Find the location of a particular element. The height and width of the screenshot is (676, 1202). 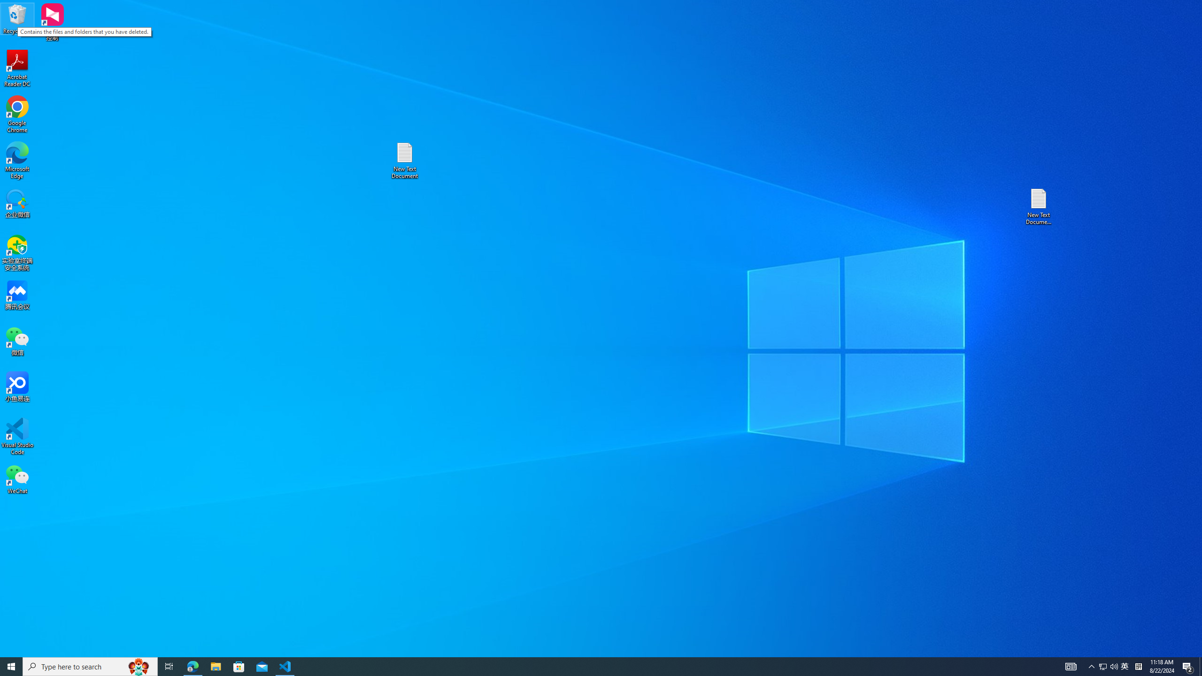

'Visual Studio Code' is located at coordinates (17, 436).